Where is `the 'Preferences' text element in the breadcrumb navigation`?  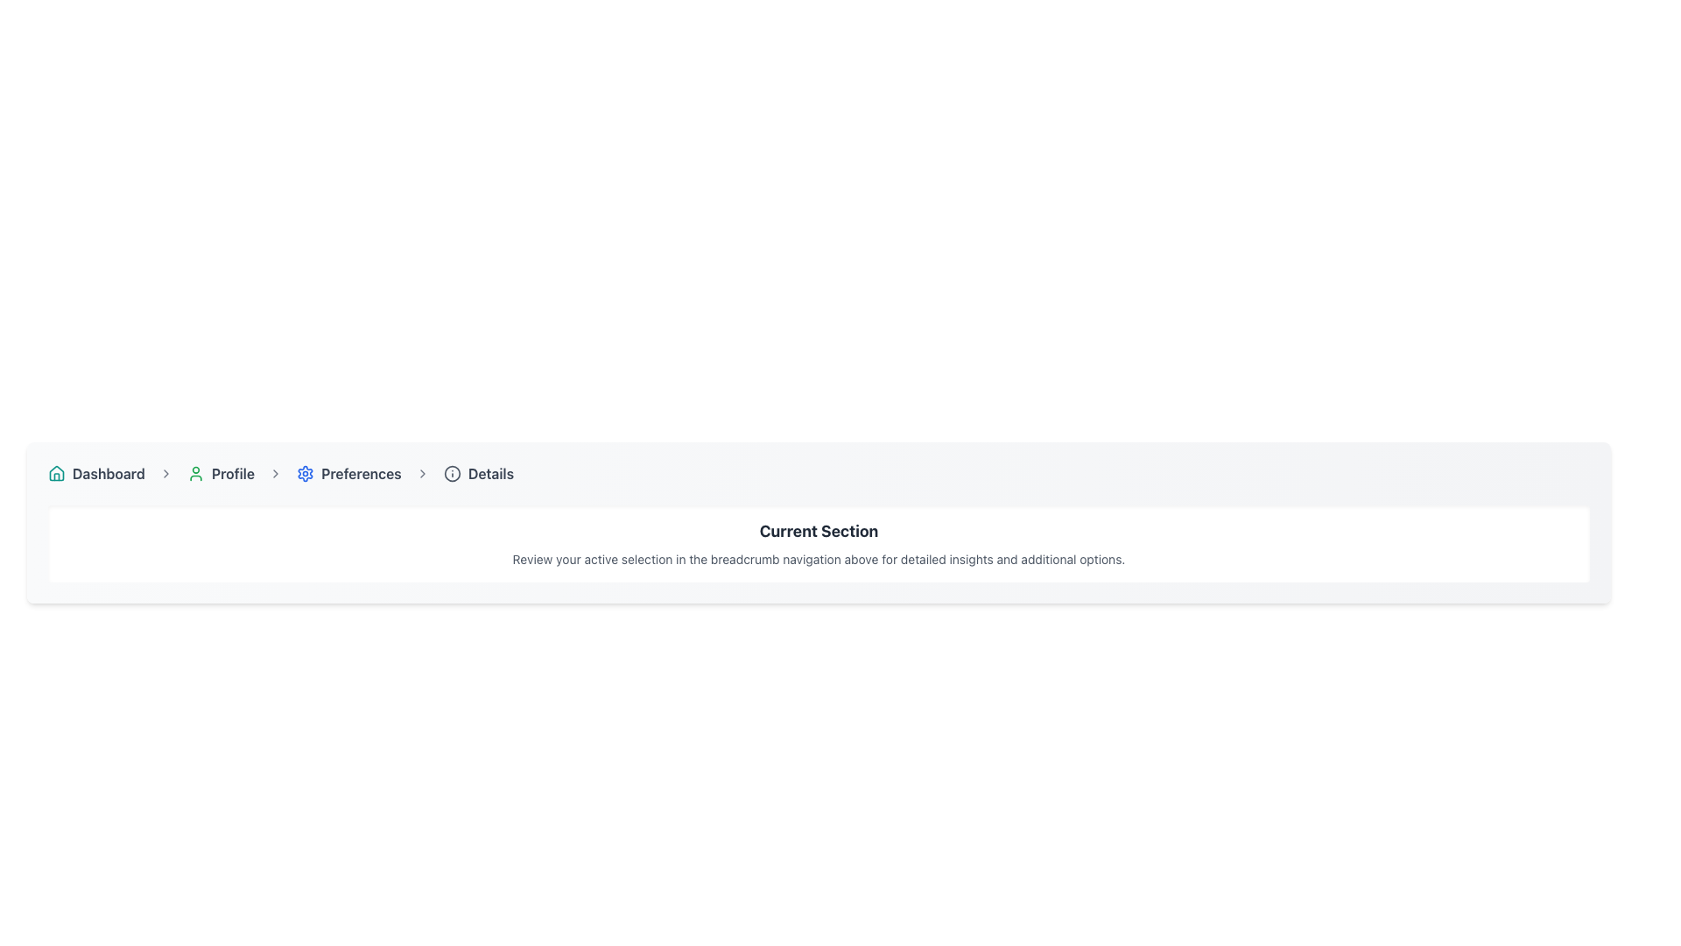
the 'Preferences' text element in the breadcrumb navigation is located at coordinates (360, 473).